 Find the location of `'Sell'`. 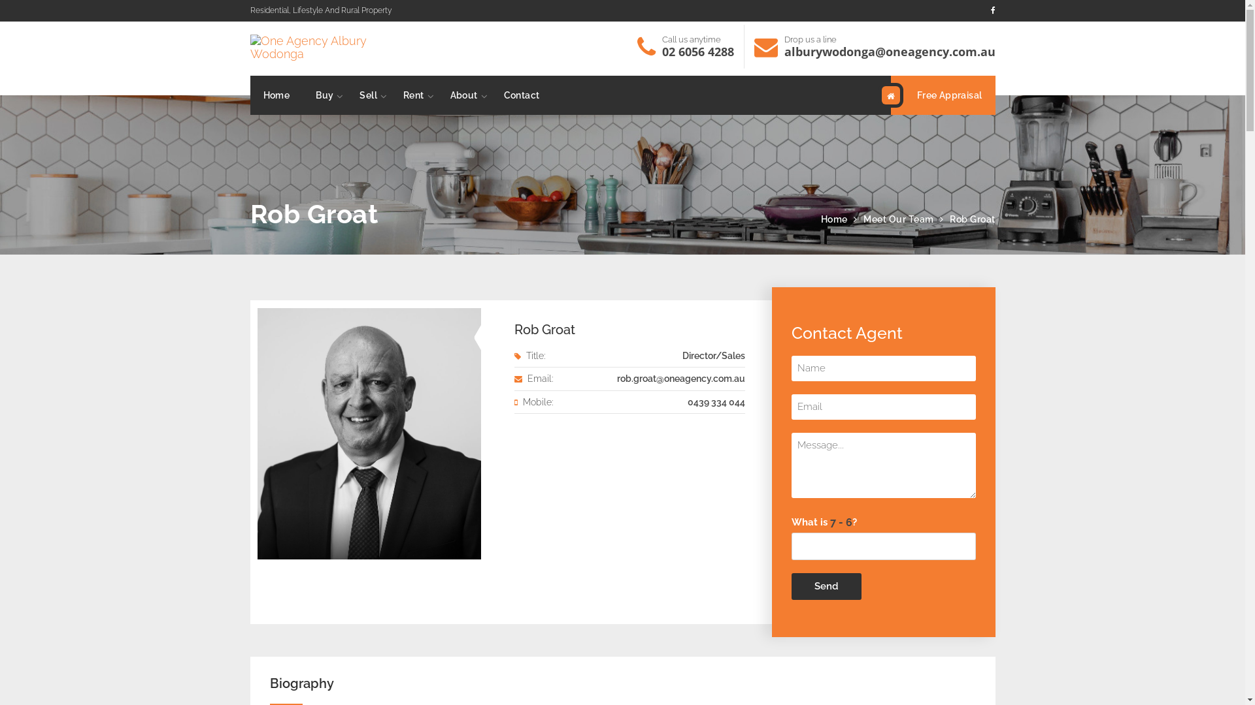

'Sell' is located at coordinates (367, 95).